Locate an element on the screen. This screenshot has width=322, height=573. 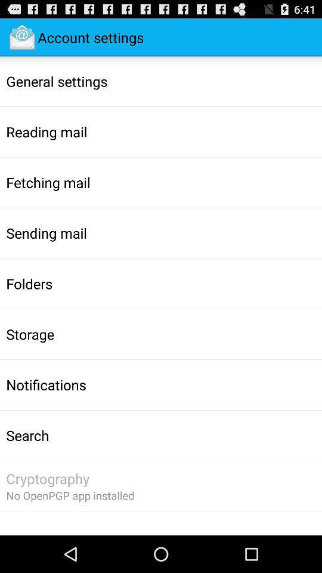
fetching mail item is located at coordinates (48, 182).